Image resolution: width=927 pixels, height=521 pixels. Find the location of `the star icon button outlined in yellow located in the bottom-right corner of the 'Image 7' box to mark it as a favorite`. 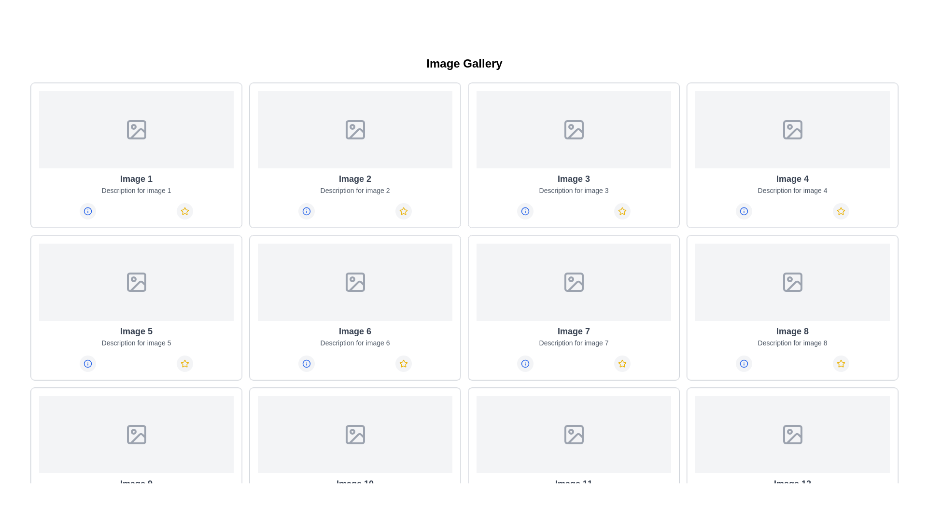

the star icon button outlined in yellow located in the bottom-right corner of the 'Image 7' box to mark it as a favorite is located at coordinates (622, 363).